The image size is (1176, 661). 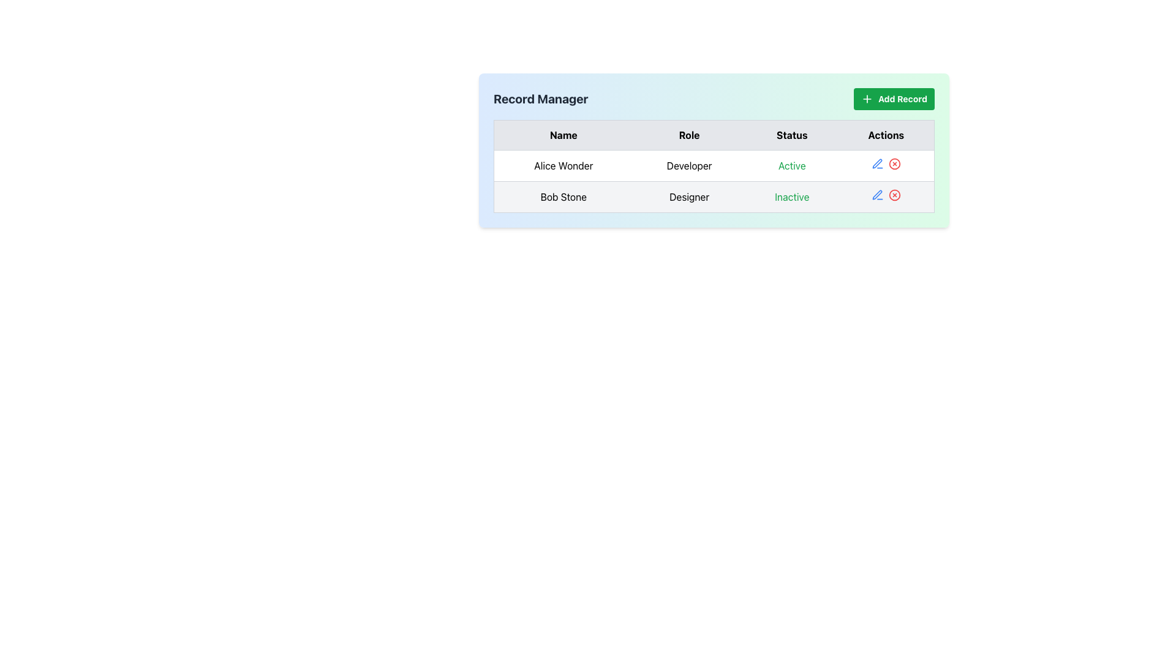 I want to click on the SVG Circle Graphic associated with the delete action button for removing the record of 'Bob Stone' from the Actions column in the second row of the table, so click(x=894, y=195).